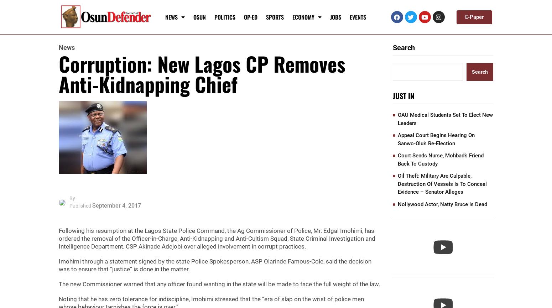 This screenshot has height=308, width=552. I want to click on 'Imohimi through a statement signed by the state Police Spokesperson, ASP Olarinde Famous-Cole, said the decision was to ensure that “justice” is done in the matter.', so click(215, 265).